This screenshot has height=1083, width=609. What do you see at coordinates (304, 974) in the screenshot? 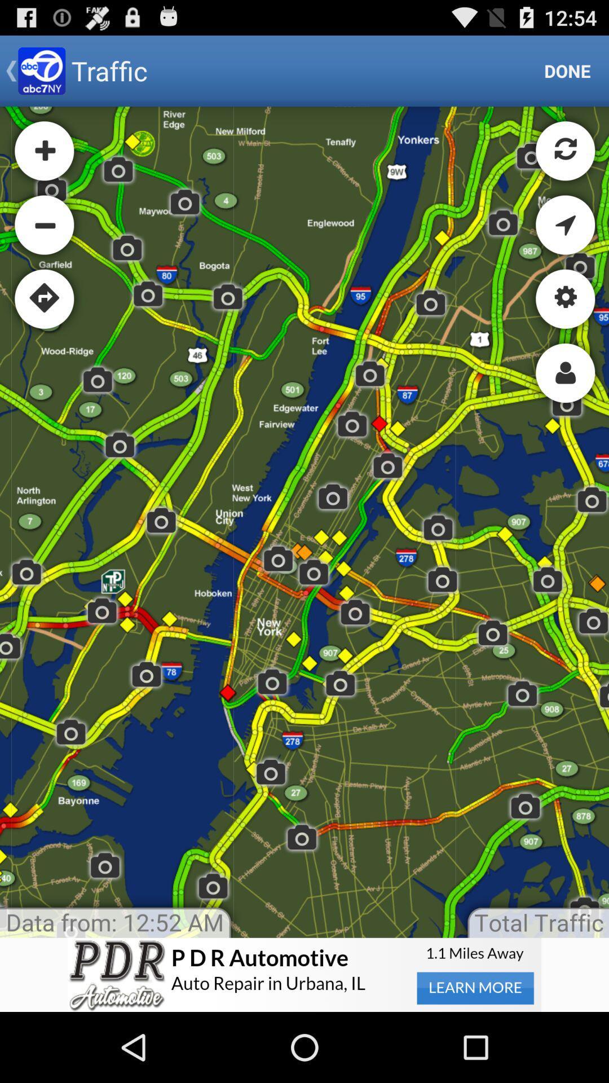
I see `advertisement page` at bounding box center [304, 974].